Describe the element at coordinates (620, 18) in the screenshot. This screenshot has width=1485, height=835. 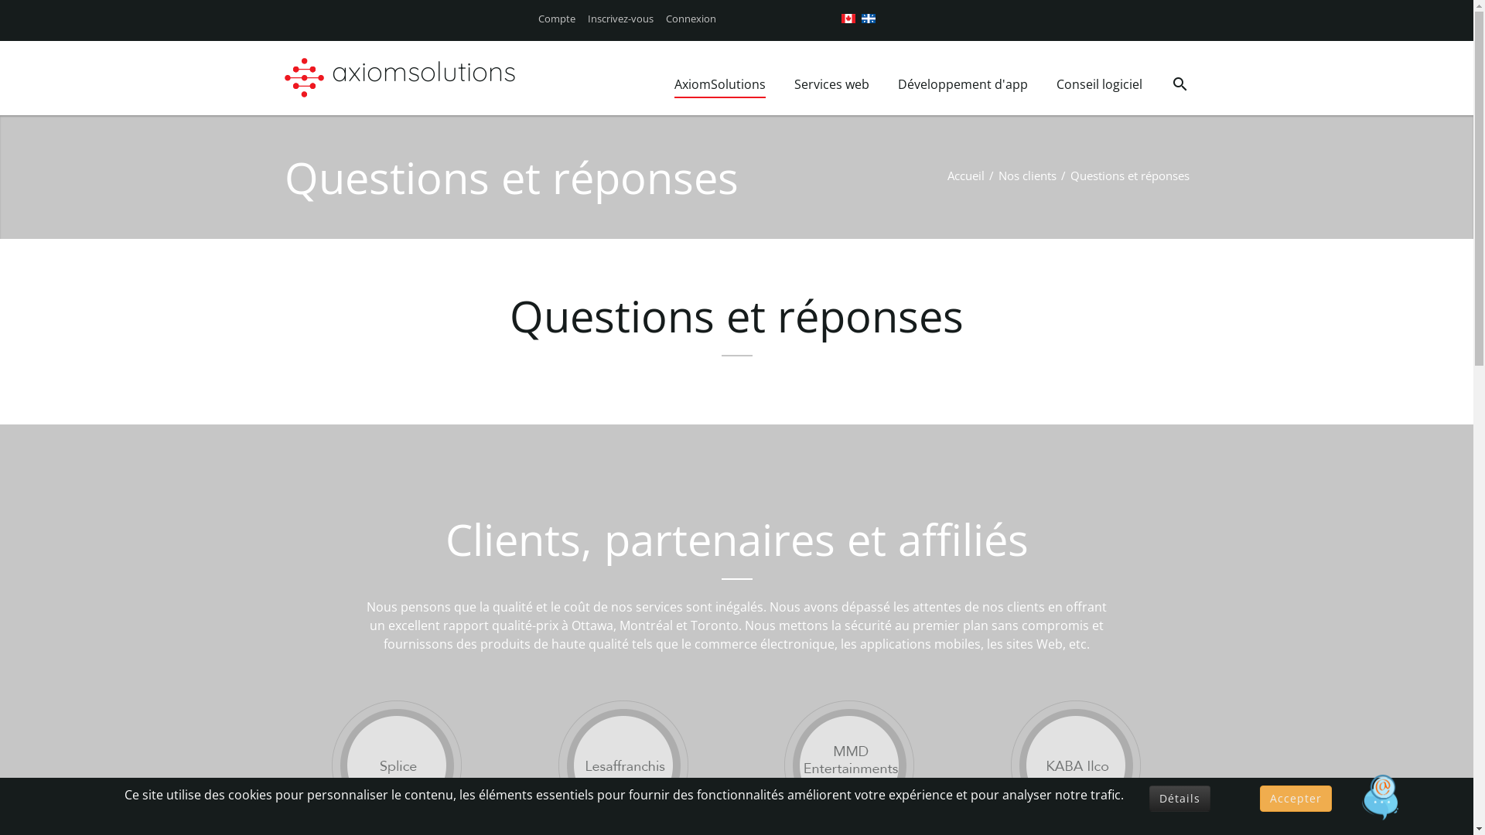
I see `'Inscrivez-vous'` at that location.